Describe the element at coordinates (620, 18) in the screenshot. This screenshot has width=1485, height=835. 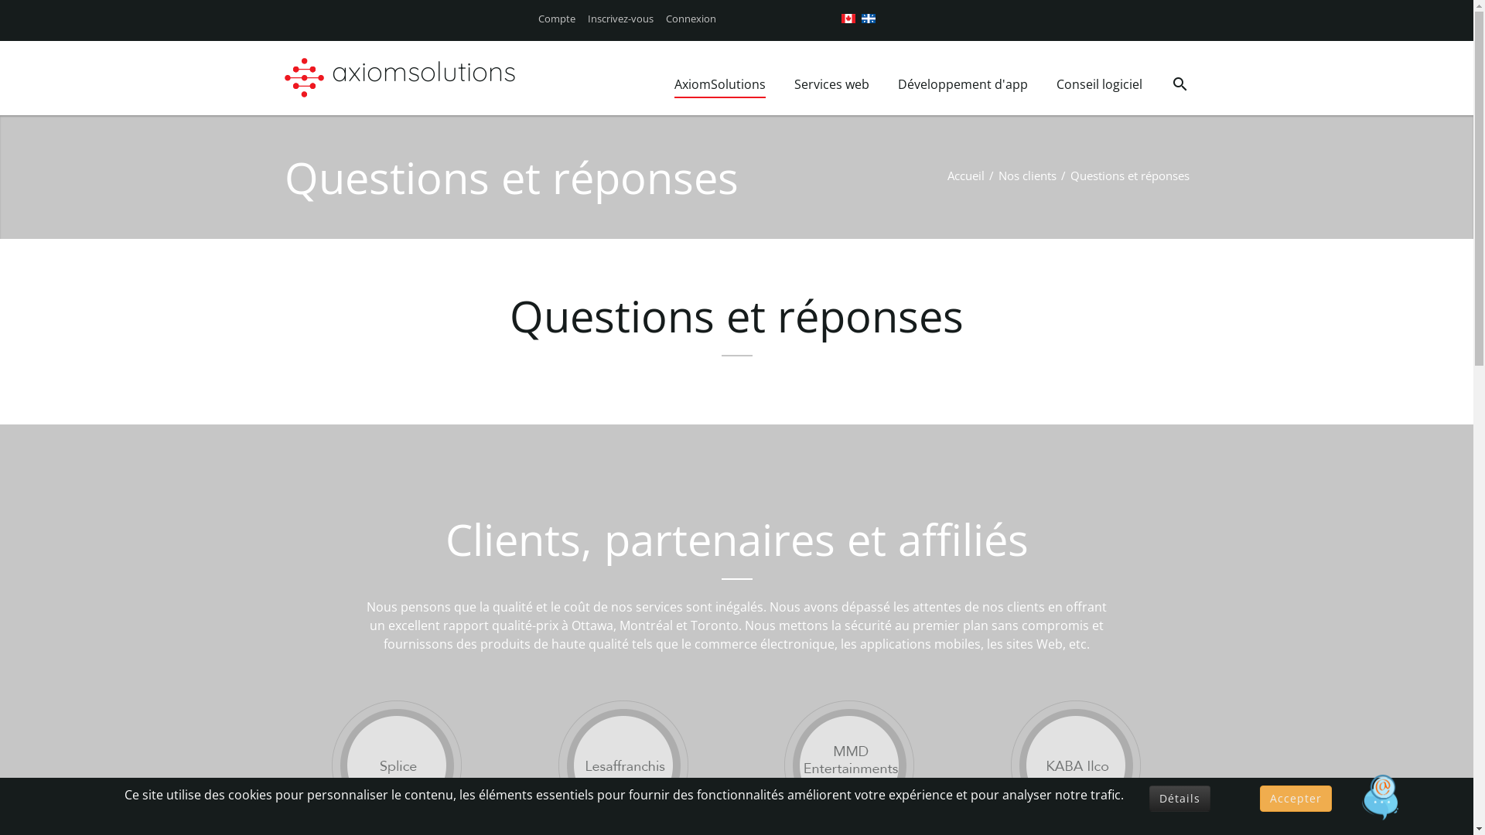
I see `'Inscrivez-vous'` at that location.